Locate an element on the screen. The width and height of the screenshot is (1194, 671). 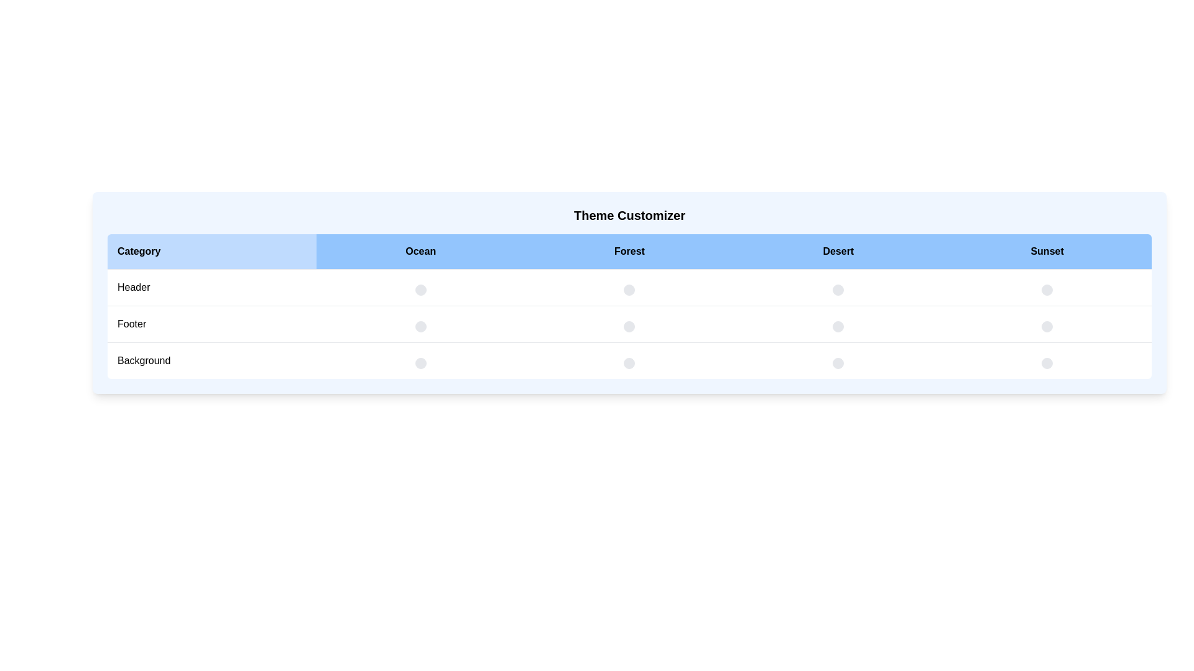
the small, round toggle button with a gray background located in the first row of the theme selection table under the 'Ocean' column is located at coordinates (420, 290).